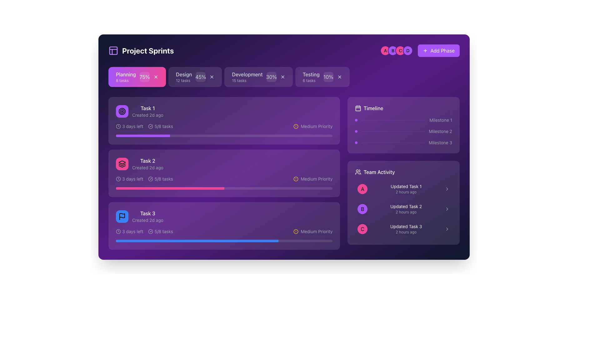  Describe the element at coordinates (139, 164) in the screenshot. I see `the task name 'Task 2' in the List Item element with a pink circular icon on the left` at that location.